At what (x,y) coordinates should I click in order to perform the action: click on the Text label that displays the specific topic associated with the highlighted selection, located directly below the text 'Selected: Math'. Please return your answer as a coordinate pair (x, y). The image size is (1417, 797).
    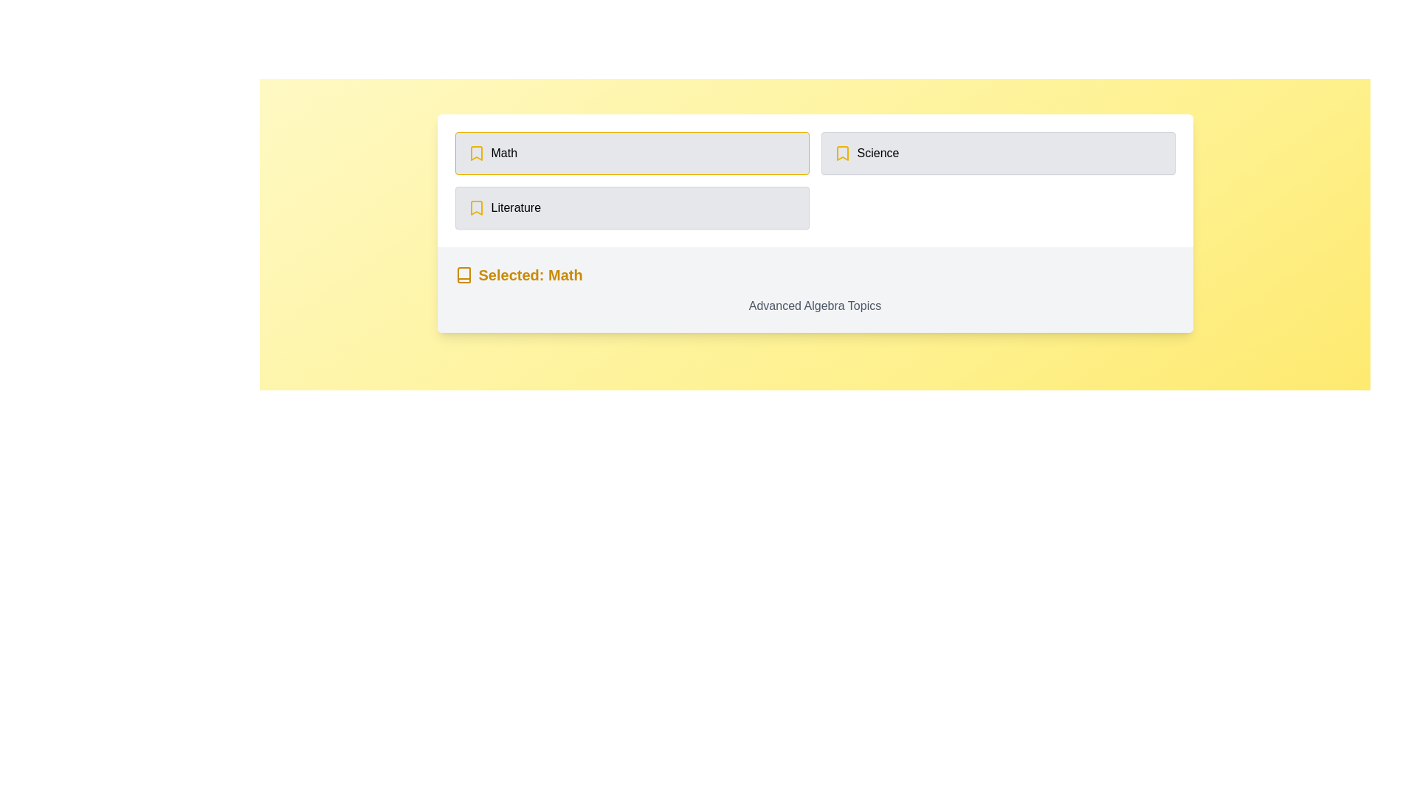
    Looking at the image, I should click on (814, 306).